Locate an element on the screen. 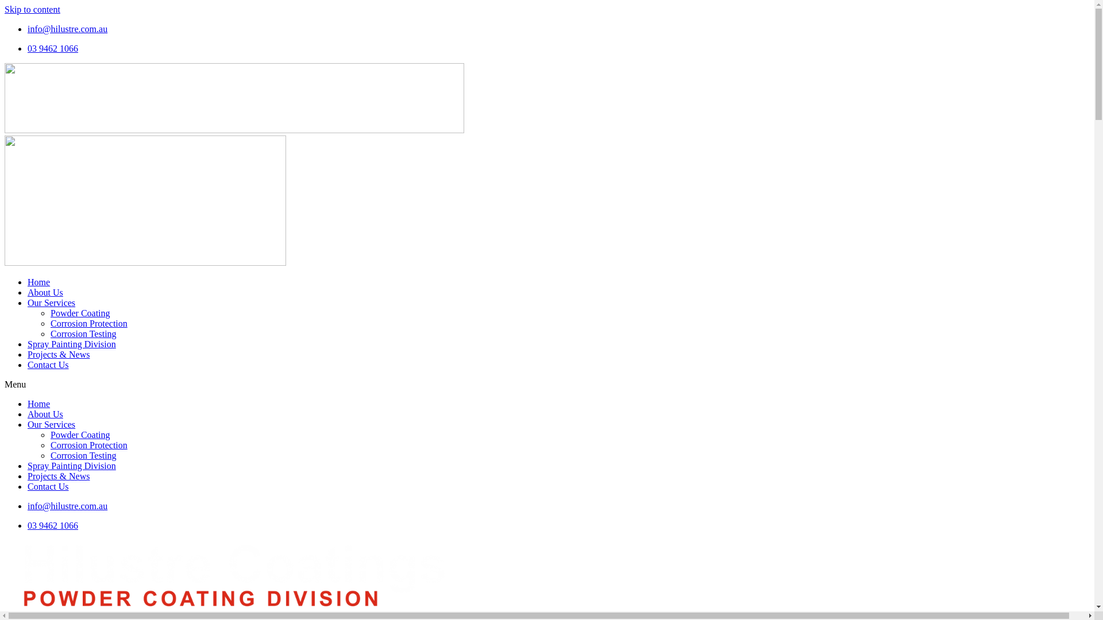  'About Us' is located at coordinates (28, 292).